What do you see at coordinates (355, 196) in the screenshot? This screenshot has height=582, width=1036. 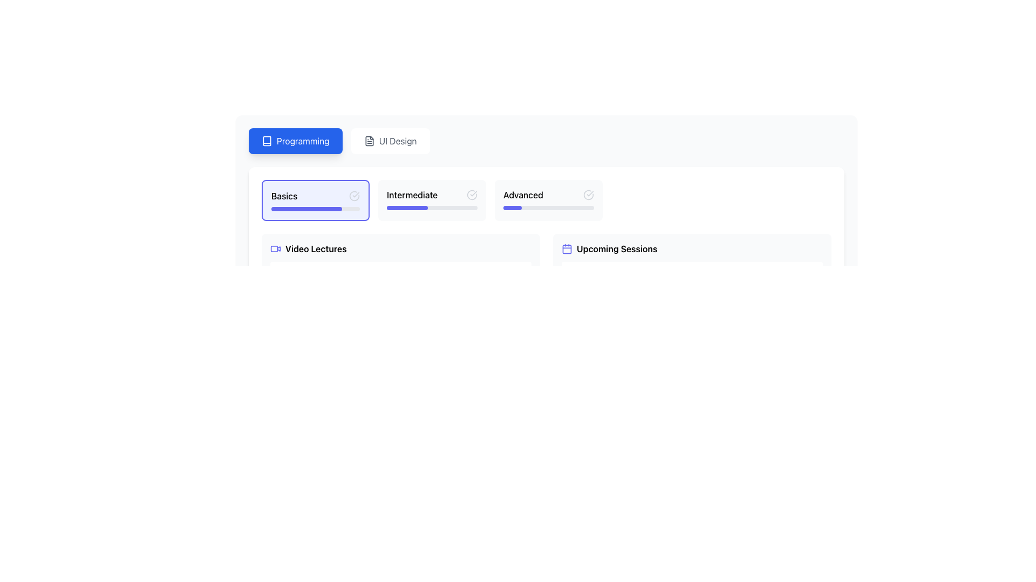 I see `the circular icon with an open outline located on the right-hand side of the 'Basics' section header in the 'Programming' options` at bounding box center [355, 196].